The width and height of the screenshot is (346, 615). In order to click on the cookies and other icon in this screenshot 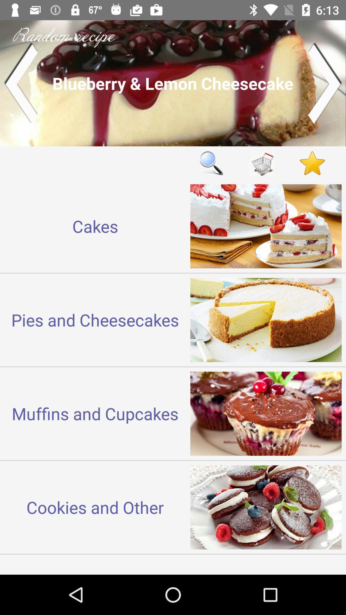, I will do `click(95, 507)`.